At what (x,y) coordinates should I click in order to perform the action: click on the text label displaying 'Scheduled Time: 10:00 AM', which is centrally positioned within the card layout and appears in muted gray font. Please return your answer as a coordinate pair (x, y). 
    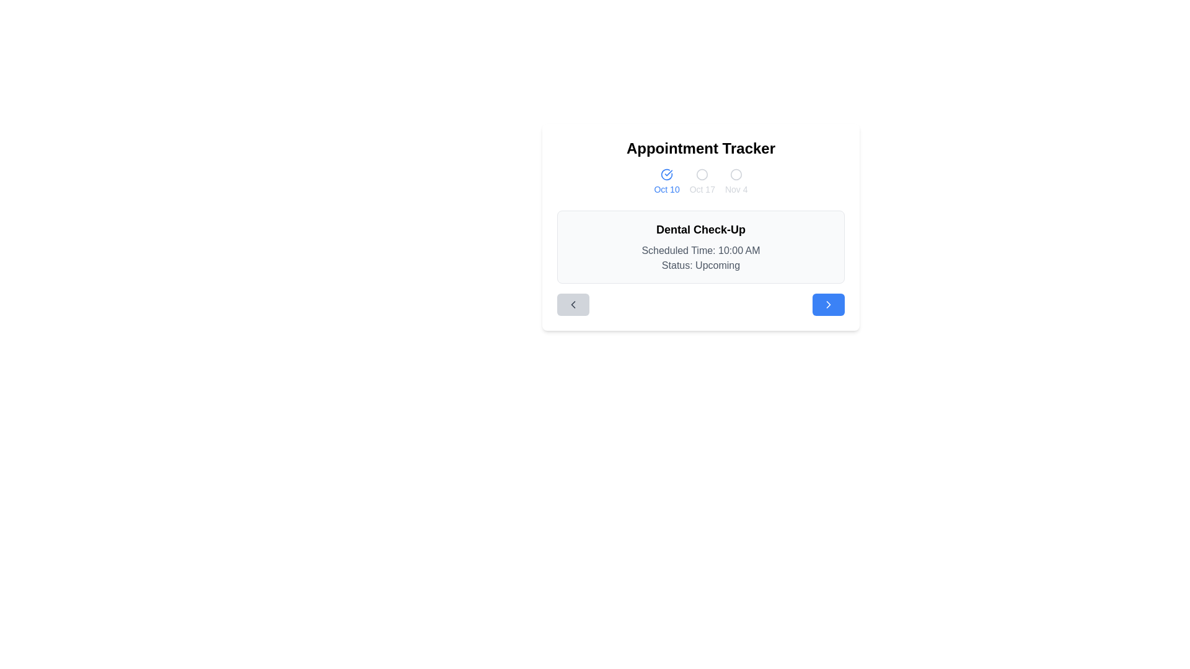
    Looking at the image, I should click on (701, 251).